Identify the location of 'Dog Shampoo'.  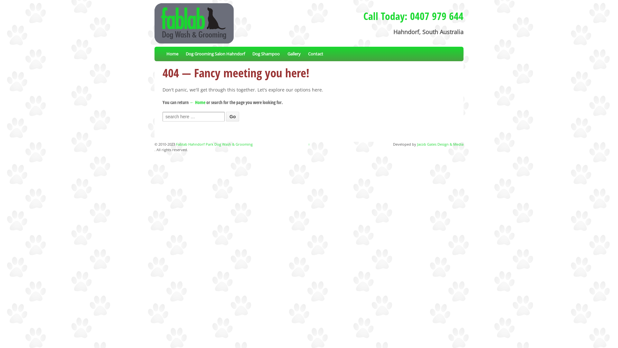
(248, 53).